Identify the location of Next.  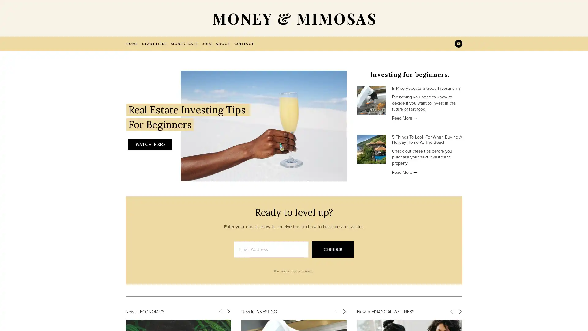
(228, 311).